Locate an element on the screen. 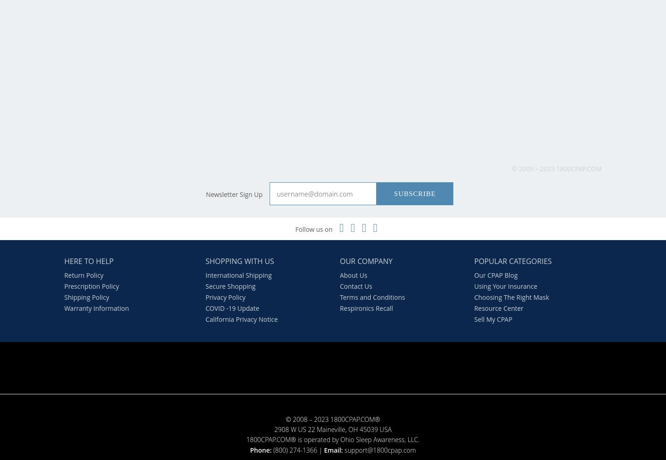 The width and height of the screenshot is (666, 460). 'Choosing The Right Mask' is located at coordinates (511, 296).